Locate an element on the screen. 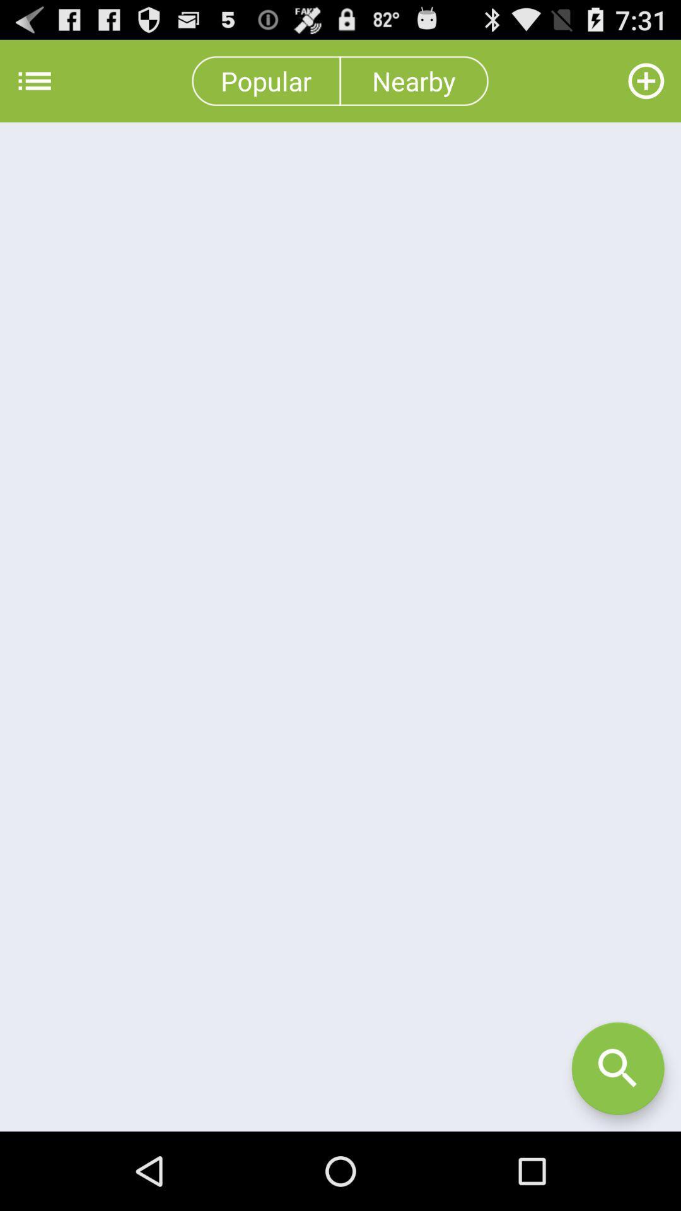 This screenshot has height=1211, width=681. the add icon is located at coordinates (646, 86).